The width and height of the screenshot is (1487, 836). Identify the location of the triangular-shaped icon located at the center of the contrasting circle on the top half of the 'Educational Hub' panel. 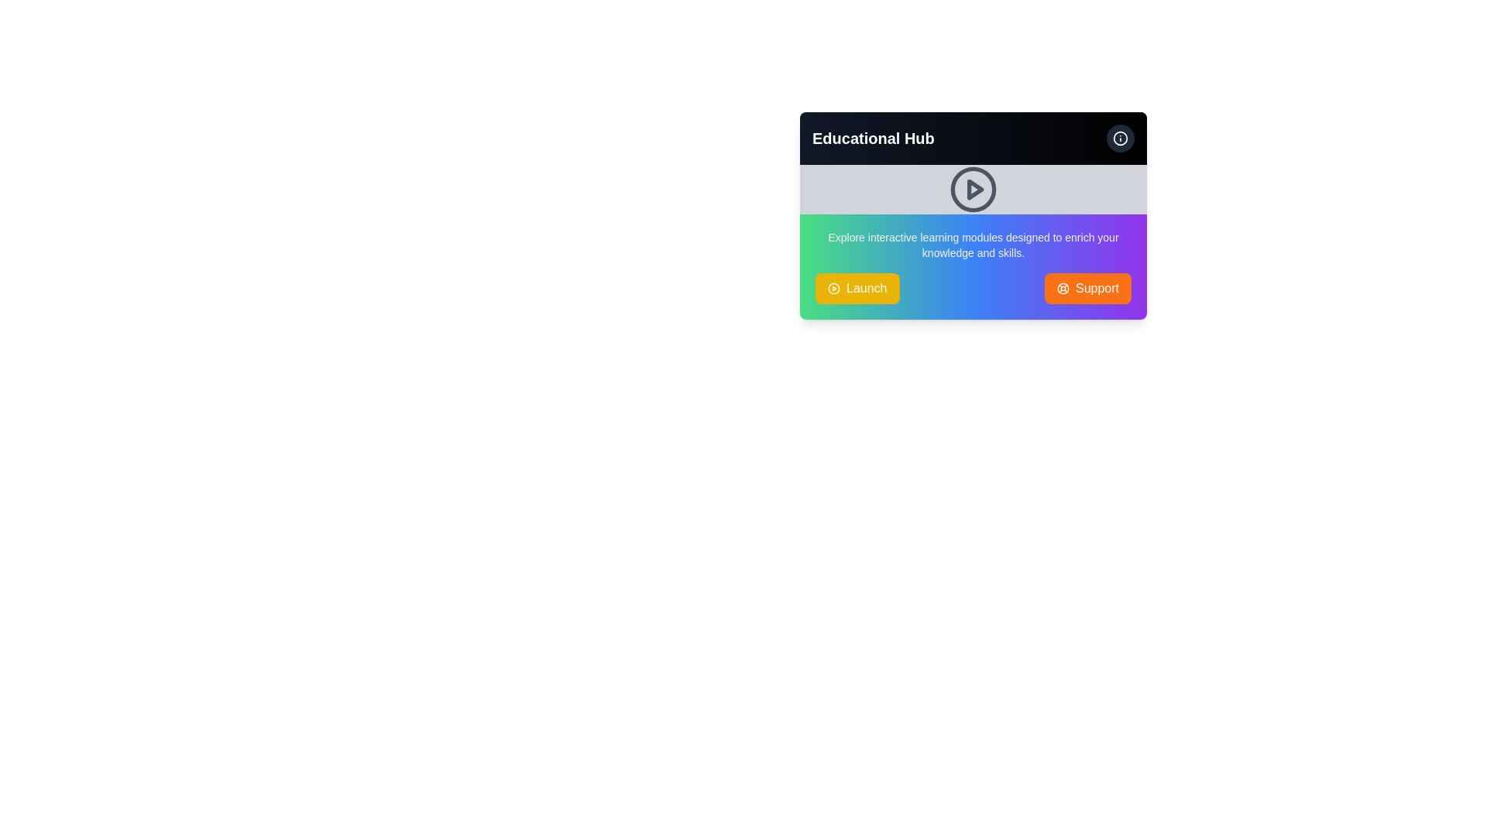
(974, 189).